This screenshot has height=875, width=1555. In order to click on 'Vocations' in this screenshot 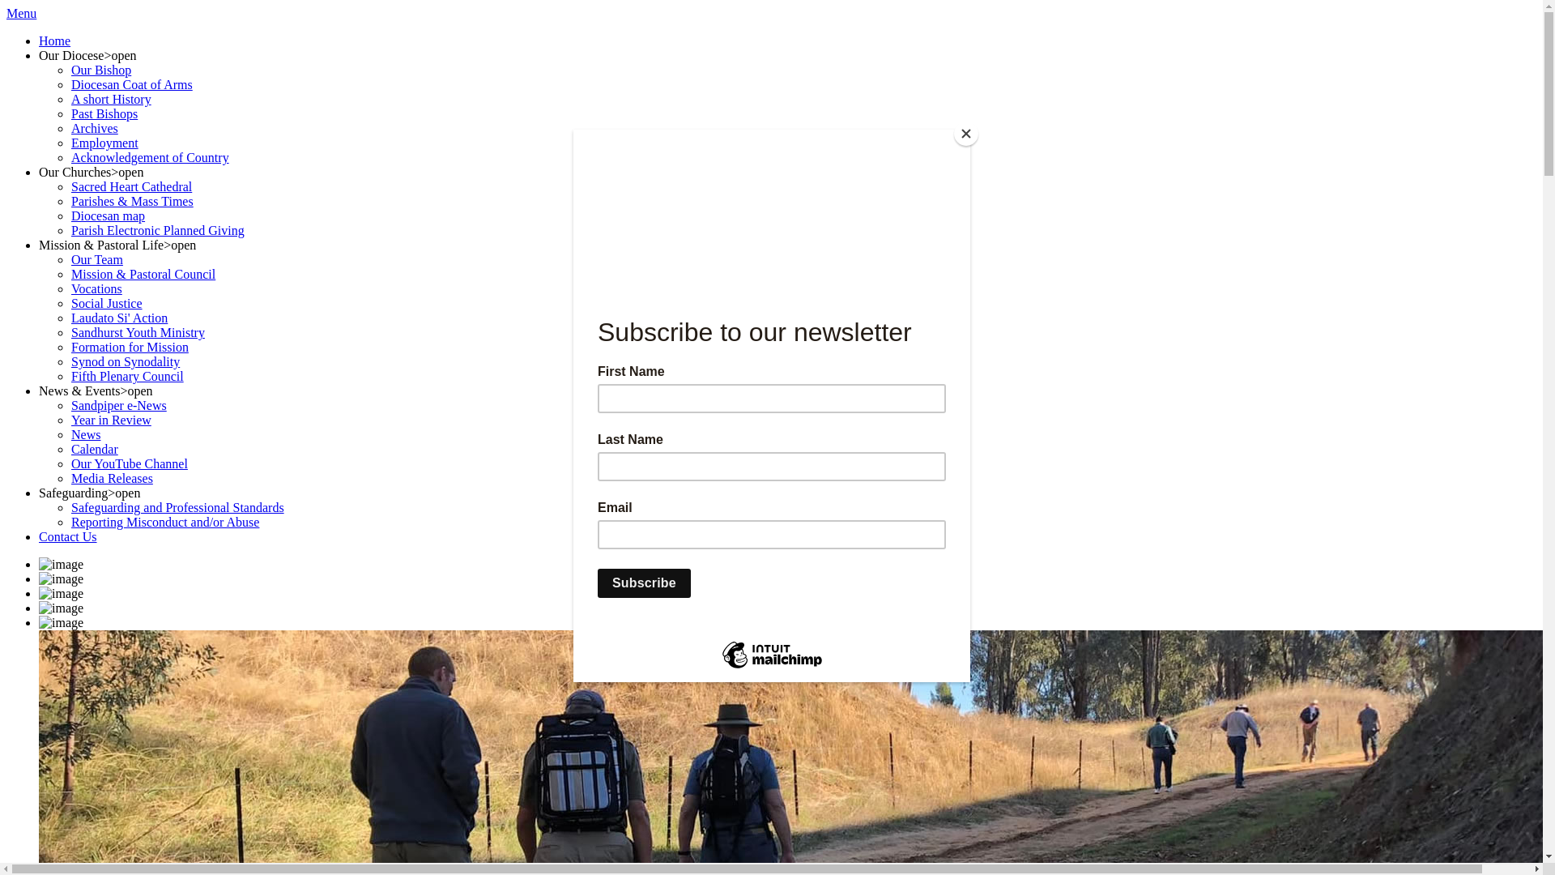, I will do `click(96, 288)`.